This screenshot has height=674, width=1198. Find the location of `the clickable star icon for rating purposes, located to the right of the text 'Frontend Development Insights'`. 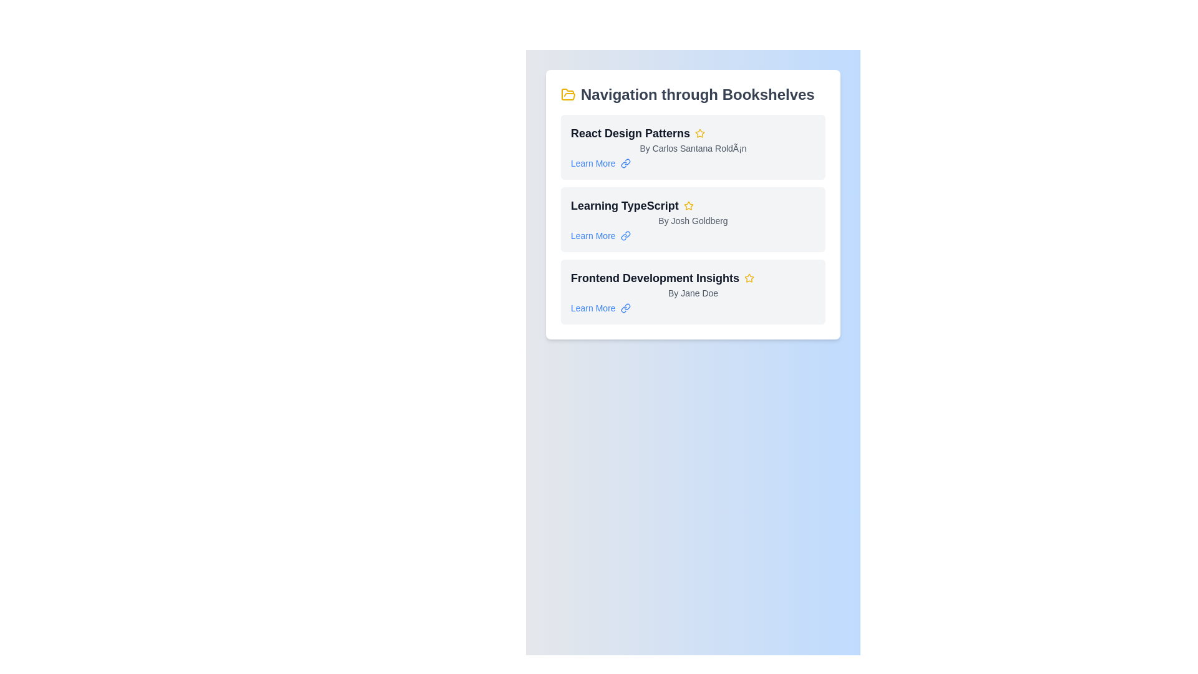

the clickable star icon for rating purposes, located to the right of the text 'Frontend Development Insights' is located at coordinates (749, 278).